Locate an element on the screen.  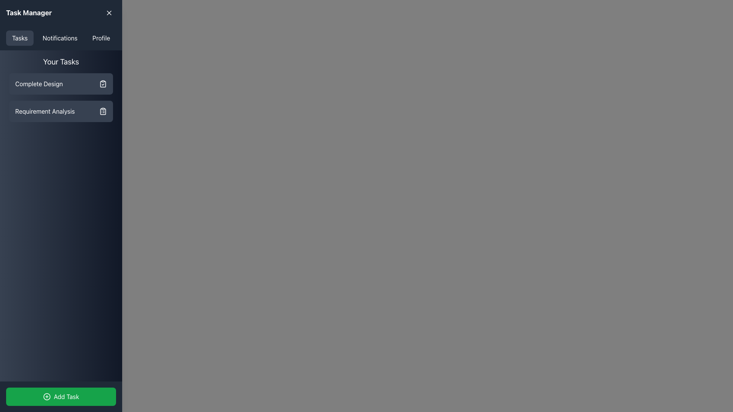
the 'Requirement Analysis' task entry in the 'Your Tasks' section of the sidebar menu is located at coordinates (60, 111).